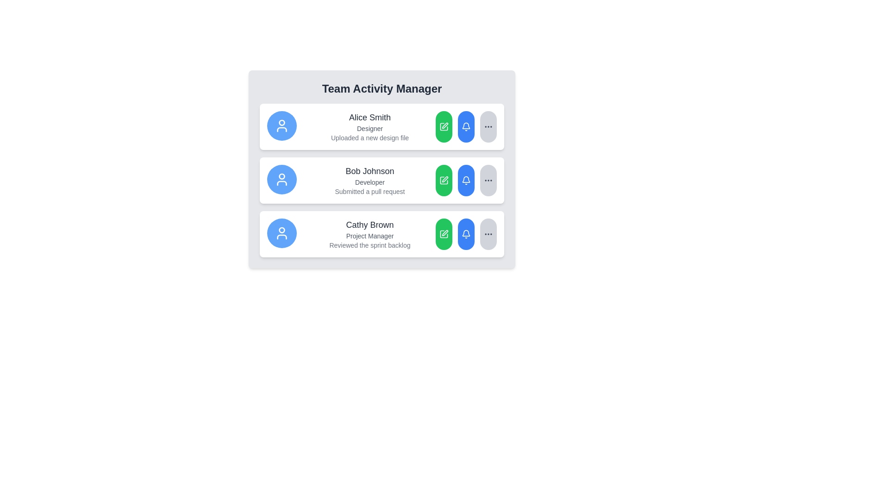 The height and width of the screenshot is (500, 889). What do you see at coordinates (466, 126) in the screenshot?
I see `the circular blue button with a white bell icon located in the interactive panel for 'Alice Smith' in the 'Team Activity Manager' section to trigger its hover effects` at bounding box center [466, 126].